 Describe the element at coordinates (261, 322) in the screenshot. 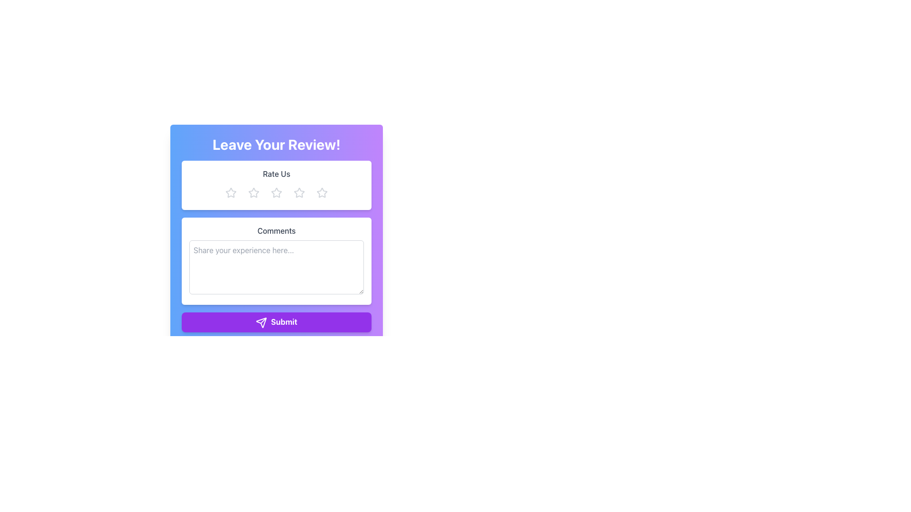

I see `the paper airplane icon located within the purple 'Submit' button at the bottom of the interface` at that location.